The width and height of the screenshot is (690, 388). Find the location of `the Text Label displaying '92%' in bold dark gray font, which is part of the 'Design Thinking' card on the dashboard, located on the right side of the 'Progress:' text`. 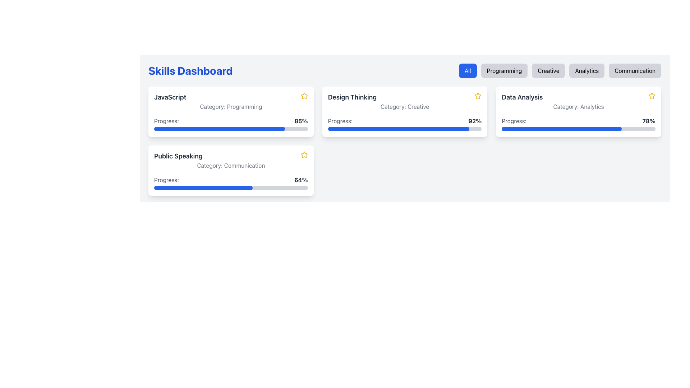

the Text Label displaying '92%' in bold dark gray font, which is part of the 'Design Thinking' card on the dashboard, located on the right side of the 'Progress:' text is located at coordinates (475, 120).